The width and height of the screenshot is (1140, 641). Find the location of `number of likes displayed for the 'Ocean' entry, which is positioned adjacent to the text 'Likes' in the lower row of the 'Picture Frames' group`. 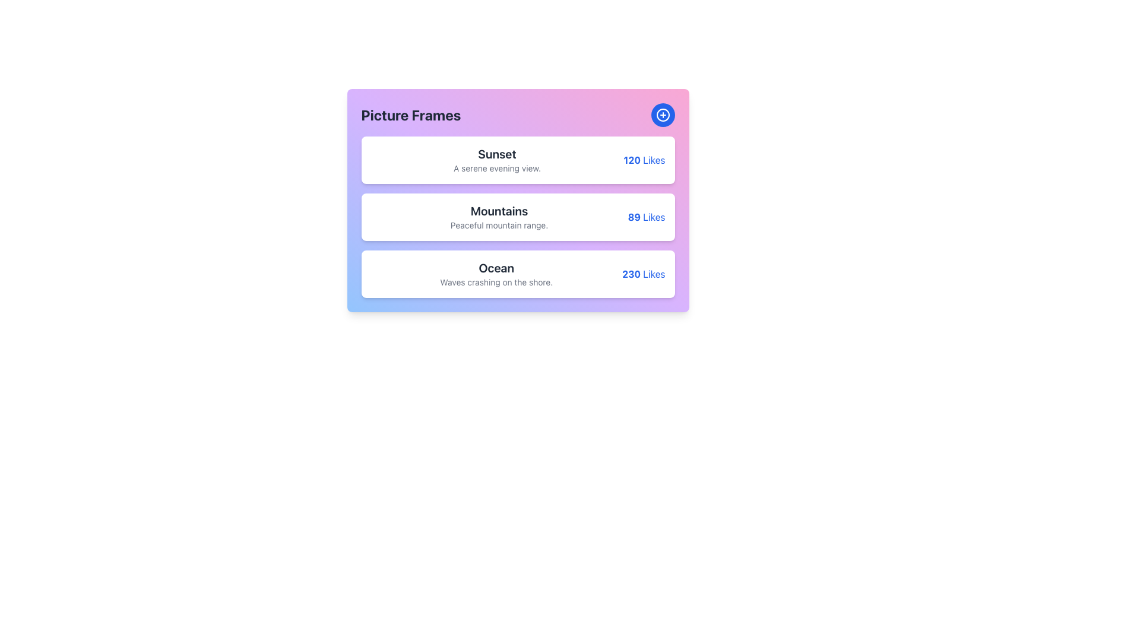

number of likes displayed for the 'Ocean' entry, which is positioned adjacent to the text 'Likes' in the lower row of the 'Picture Frames' group is located at coordinates (631, 274).